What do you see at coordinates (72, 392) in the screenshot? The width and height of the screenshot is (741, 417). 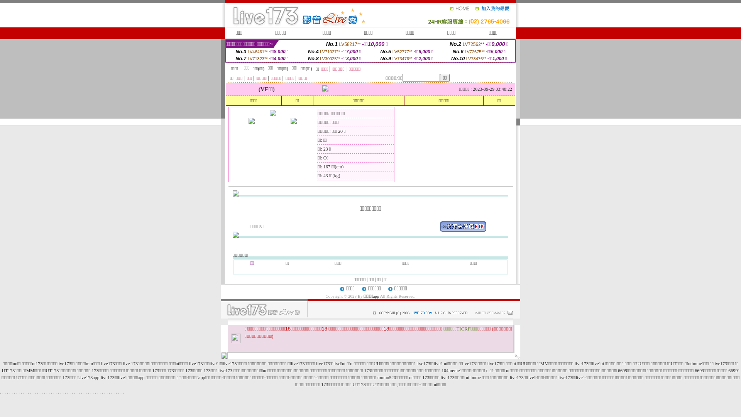 I see `'.'` at bounding box center [72, 392].